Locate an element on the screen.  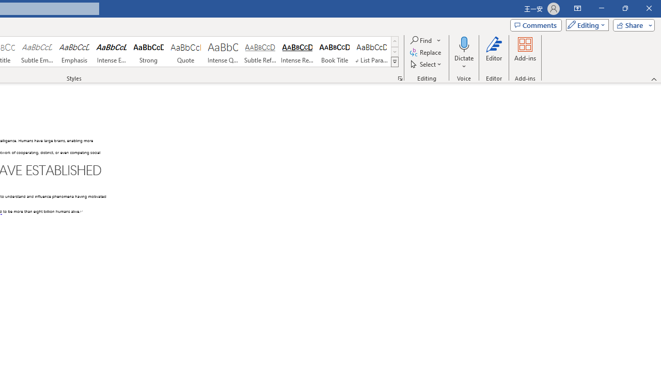
'Subtle Reference' is located at coordinates (260, 52).